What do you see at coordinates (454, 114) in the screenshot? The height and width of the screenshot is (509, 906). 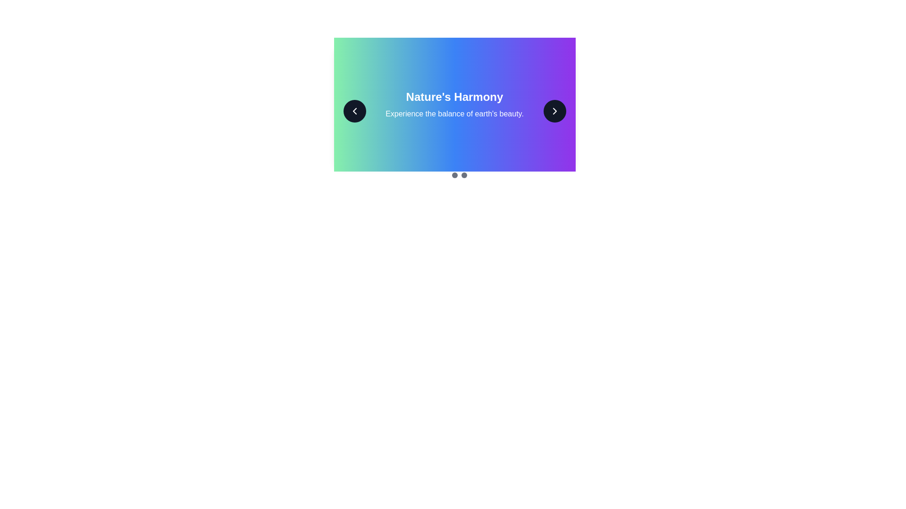 I see `the descriptive text element located below the title 'Urban Excitement' in the multi-section carousel` at bounding box center [454, 114].